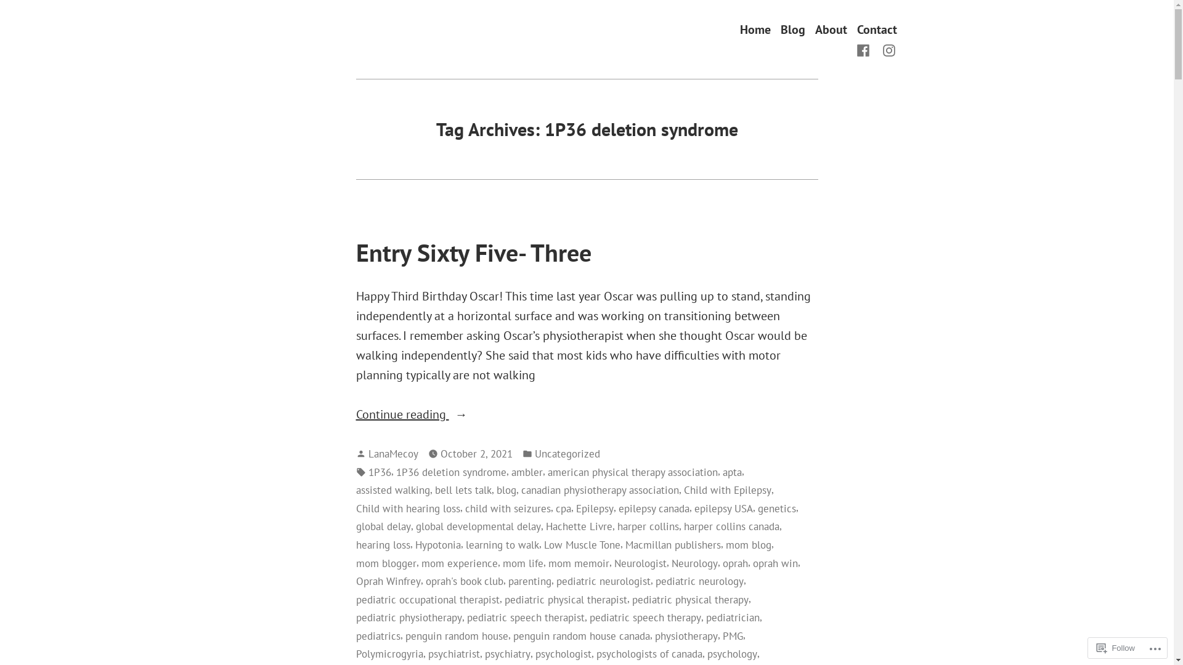 The width and height of the screenshot is (1183, 665). Describe the element at coordinates (379, 472) in the screenshot. I see `'1P36'` at that location.